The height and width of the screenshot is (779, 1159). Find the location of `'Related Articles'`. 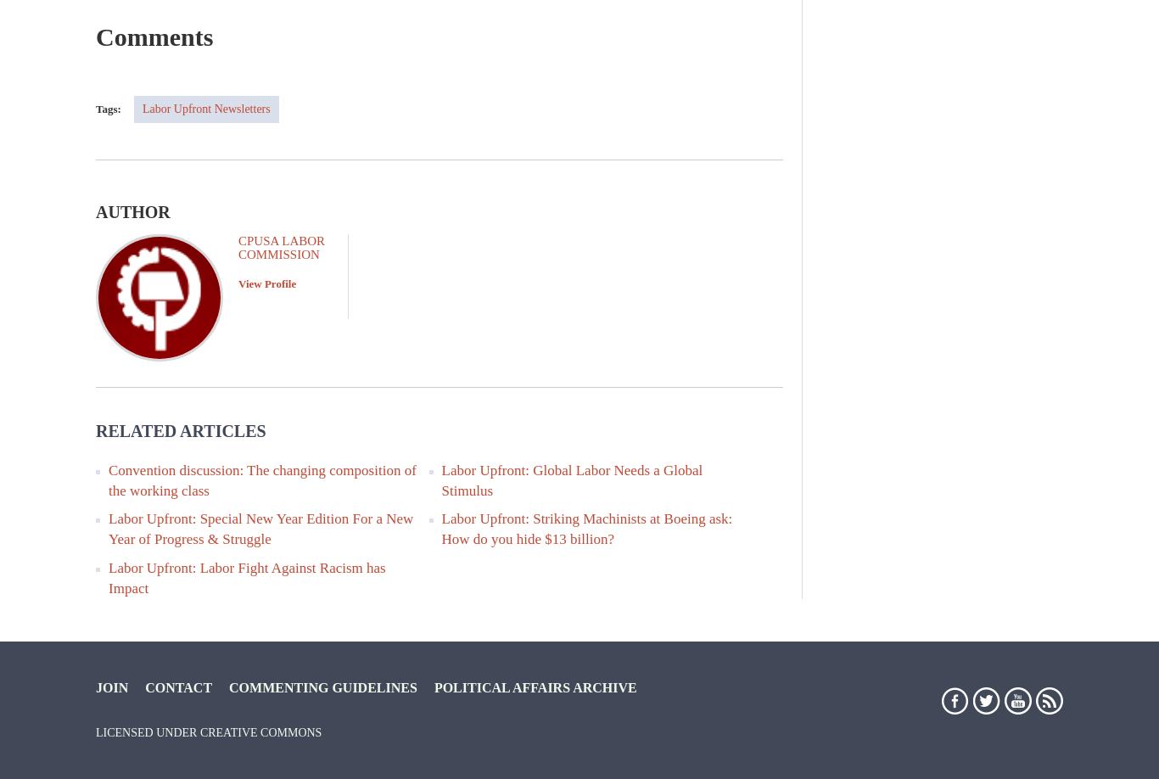

'Related Articles' is located at coordinates (95, 429).